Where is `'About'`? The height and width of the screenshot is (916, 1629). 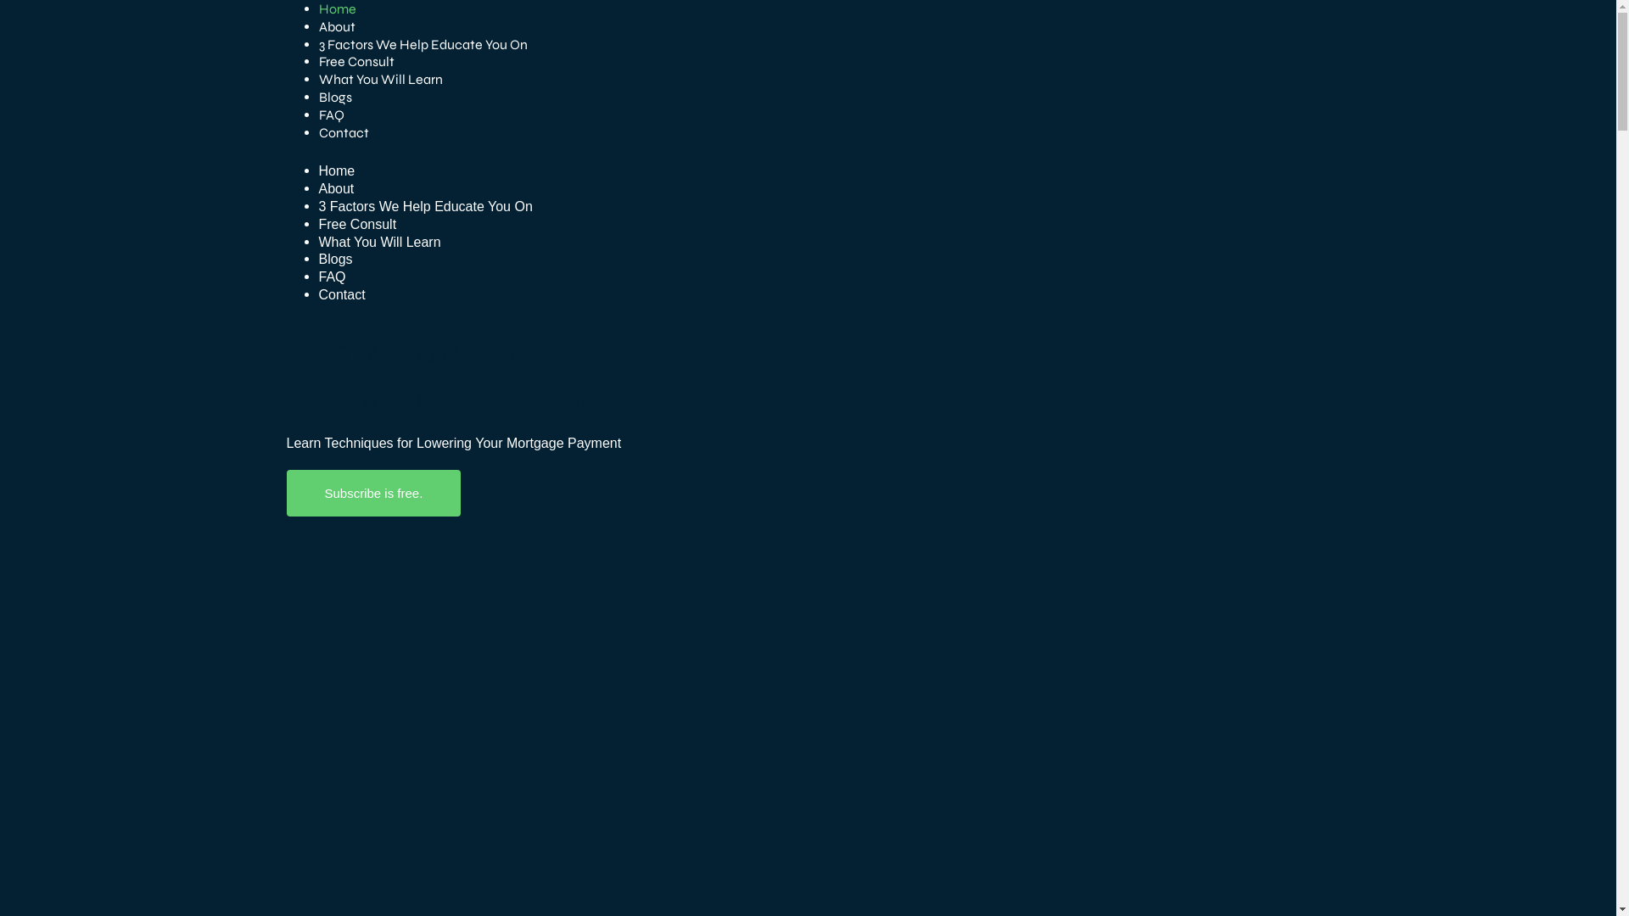
'About' is located at coordinates (337, 26).